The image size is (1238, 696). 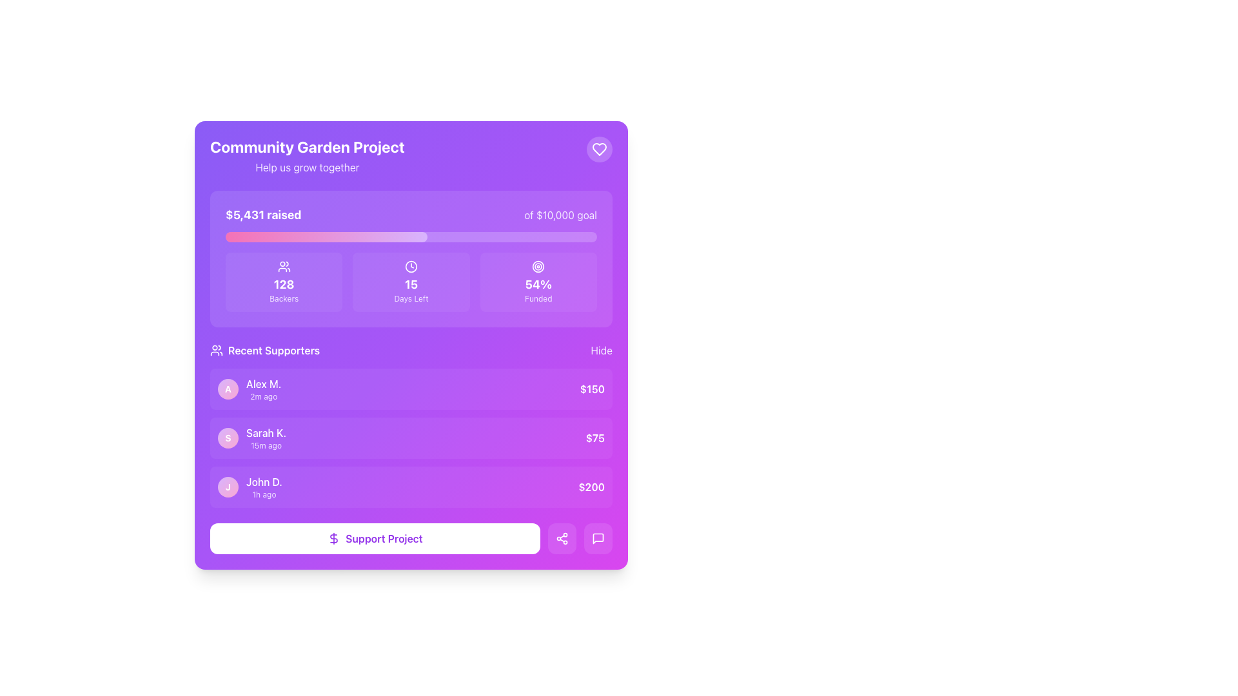 What do you see at coordinates (591, 487) in the screenshot?
I see `the Text label displaying the contribution amount in the 'Recent Supporters' section located in the bottom-right corner of a supporter entry` at bounding box center [591, 487].